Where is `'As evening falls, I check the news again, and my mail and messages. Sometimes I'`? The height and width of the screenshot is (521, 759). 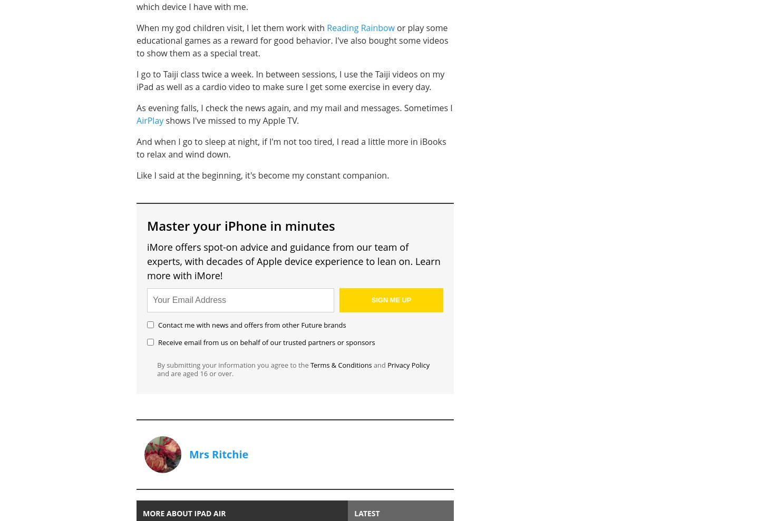
'As evening falls, I check the news again, and my mail and messages. Sometimes I' is located at coordinates (294, 108).